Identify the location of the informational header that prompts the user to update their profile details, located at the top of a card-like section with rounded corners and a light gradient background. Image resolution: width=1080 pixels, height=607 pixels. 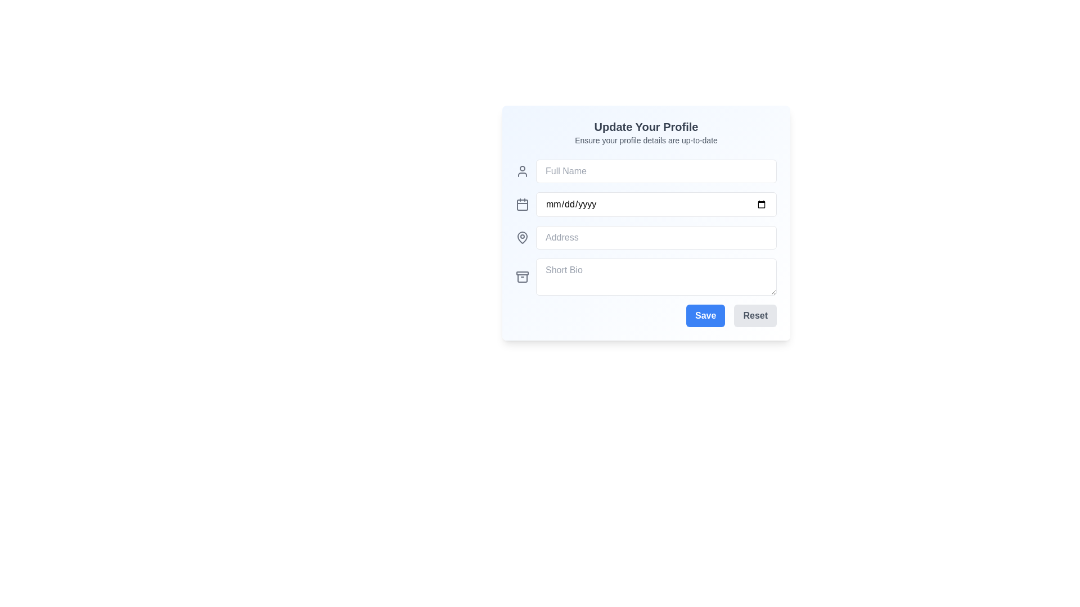
(646, 132).